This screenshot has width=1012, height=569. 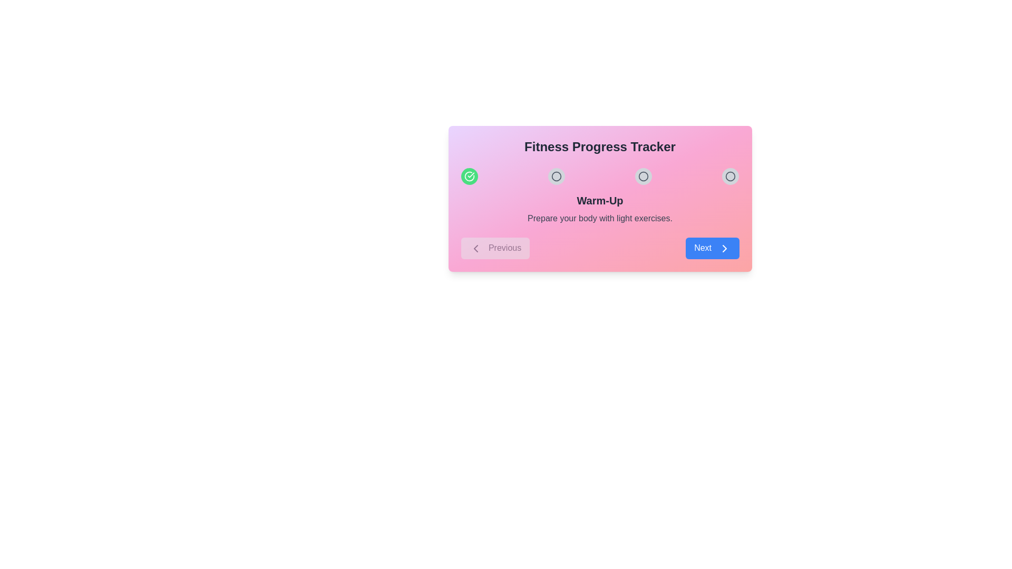 What do you see at coordinates (724, 248) in the screenshot?
I see `the right-pointing chevron icon located at the bottom-right of the 'Next' button with a blue background and white text` at bounding box center [724, 248].